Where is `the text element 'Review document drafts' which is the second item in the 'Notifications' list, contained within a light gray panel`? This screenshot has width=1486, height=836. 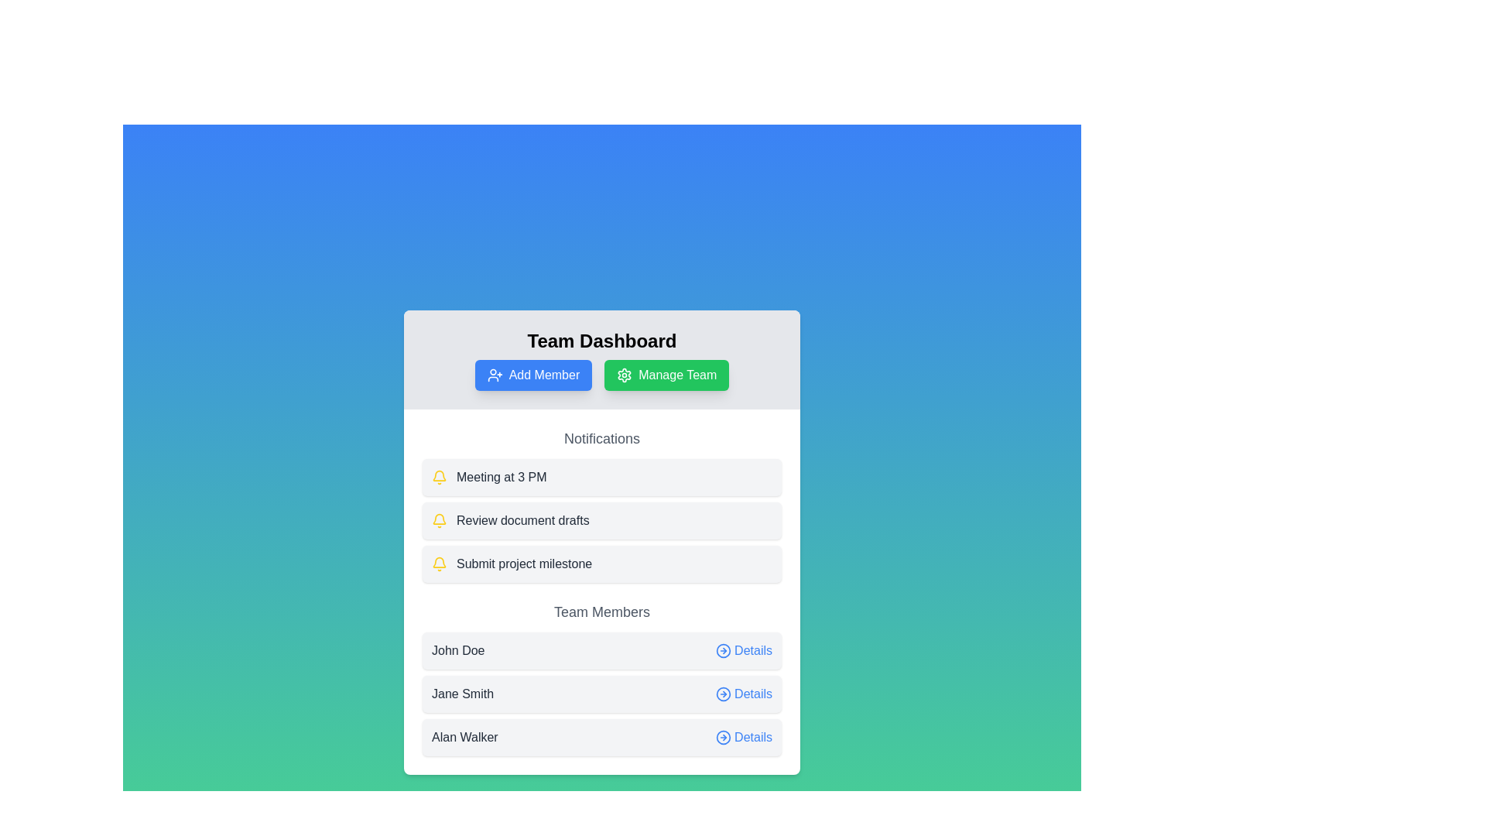 the text element 'Review document drafts' which is the second item in the 'Notifications' list, contained within a light gray panel is located at coordinates (522, 520).